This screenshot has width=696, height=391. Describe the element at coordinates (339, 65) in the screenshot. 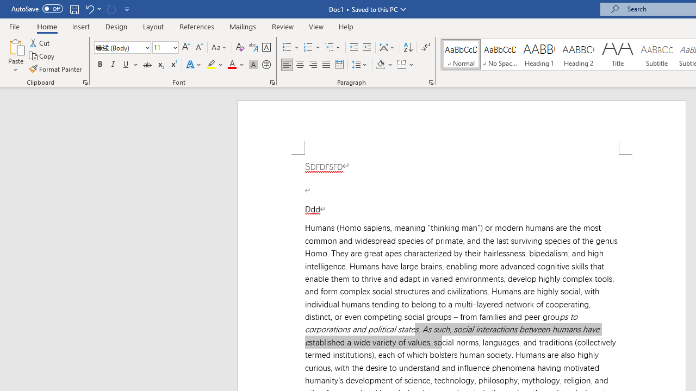

I see `'Distributed'` at that location.